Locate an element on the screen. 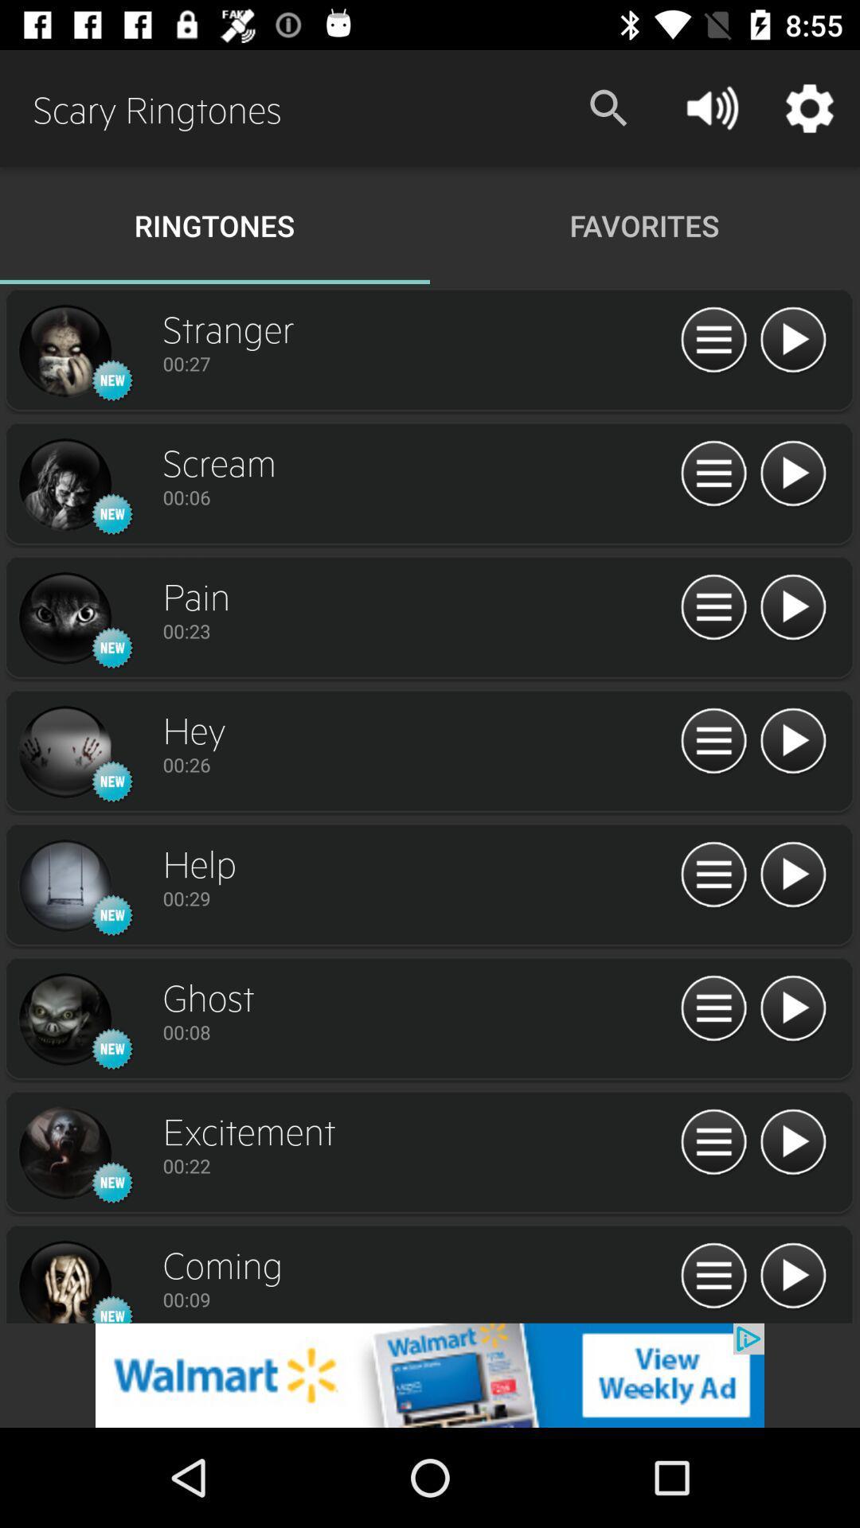 The height and width of the screenshot is (1528, 860). go next is located at coordinates (792, 607).